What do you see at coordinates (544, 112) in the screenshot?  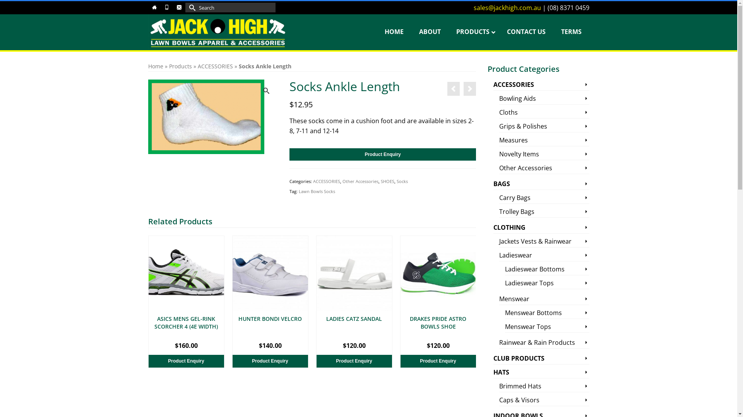 I see `'Cloths'` at bounding box center [544, 112].